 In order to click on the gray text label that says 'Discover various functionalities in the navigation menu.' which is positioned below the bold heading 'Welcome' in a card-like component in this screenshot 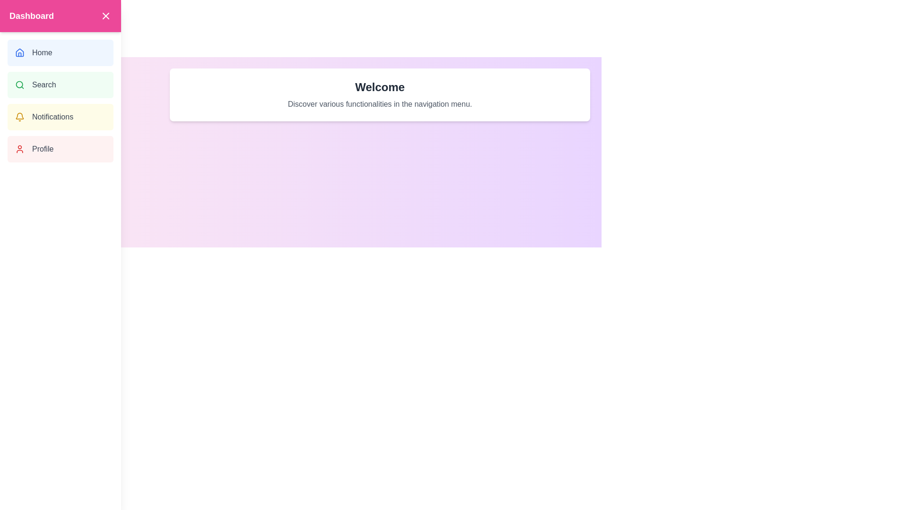, I will do `click(380, 104)`.